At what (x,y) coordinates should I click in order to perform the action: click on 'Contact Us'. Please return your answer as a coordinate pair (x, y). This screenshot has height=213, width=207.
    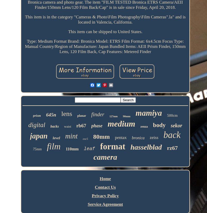
    Looking at the image, I should click on (105, 187).